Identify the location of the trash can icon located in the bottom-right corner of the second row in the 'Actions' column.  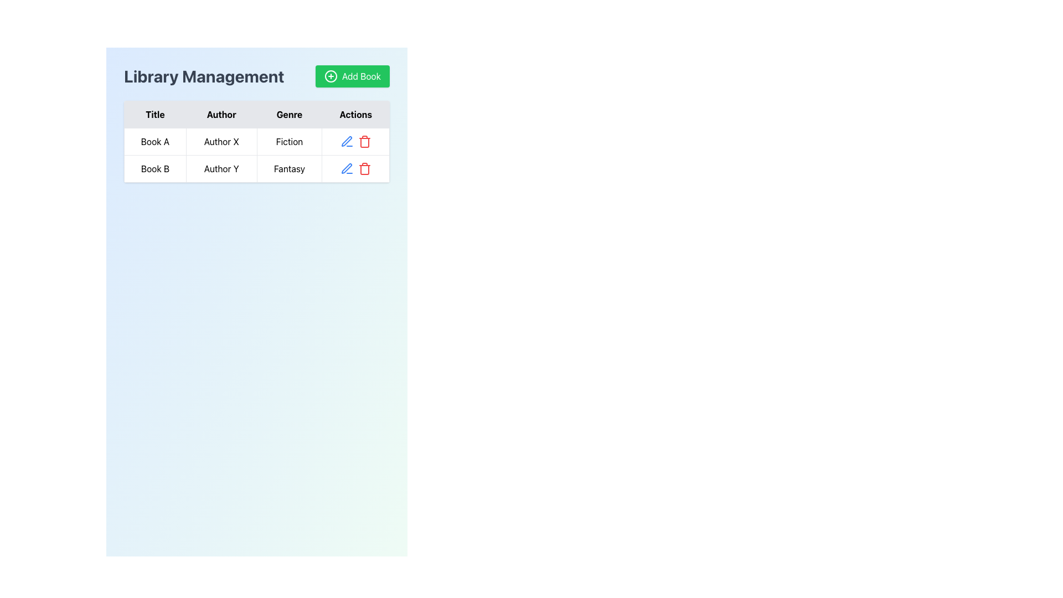
(364, 170).